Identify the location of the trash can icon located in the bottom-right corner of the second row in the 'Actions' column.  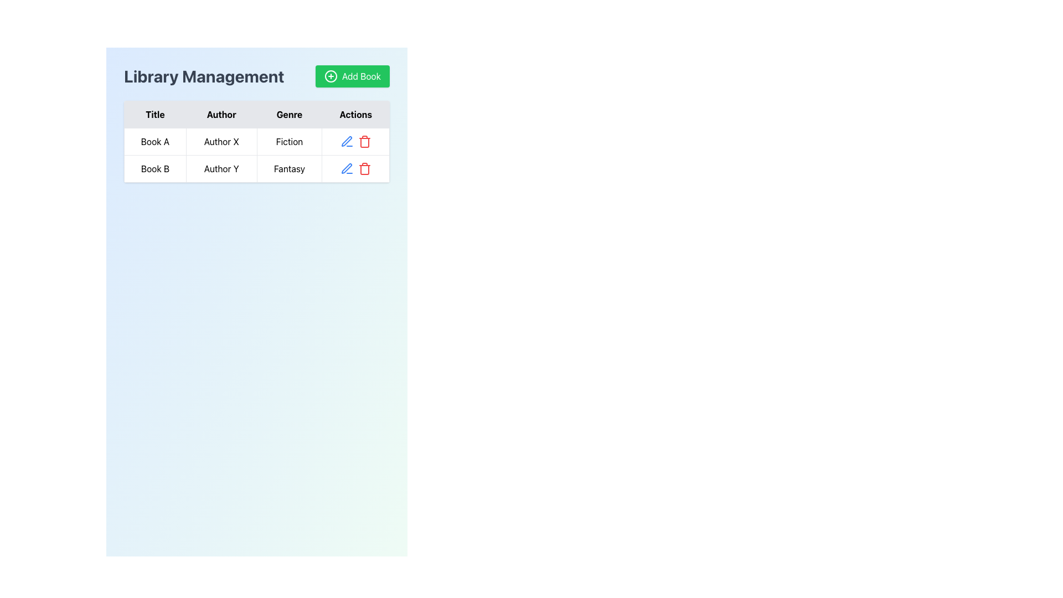
(364, 170).